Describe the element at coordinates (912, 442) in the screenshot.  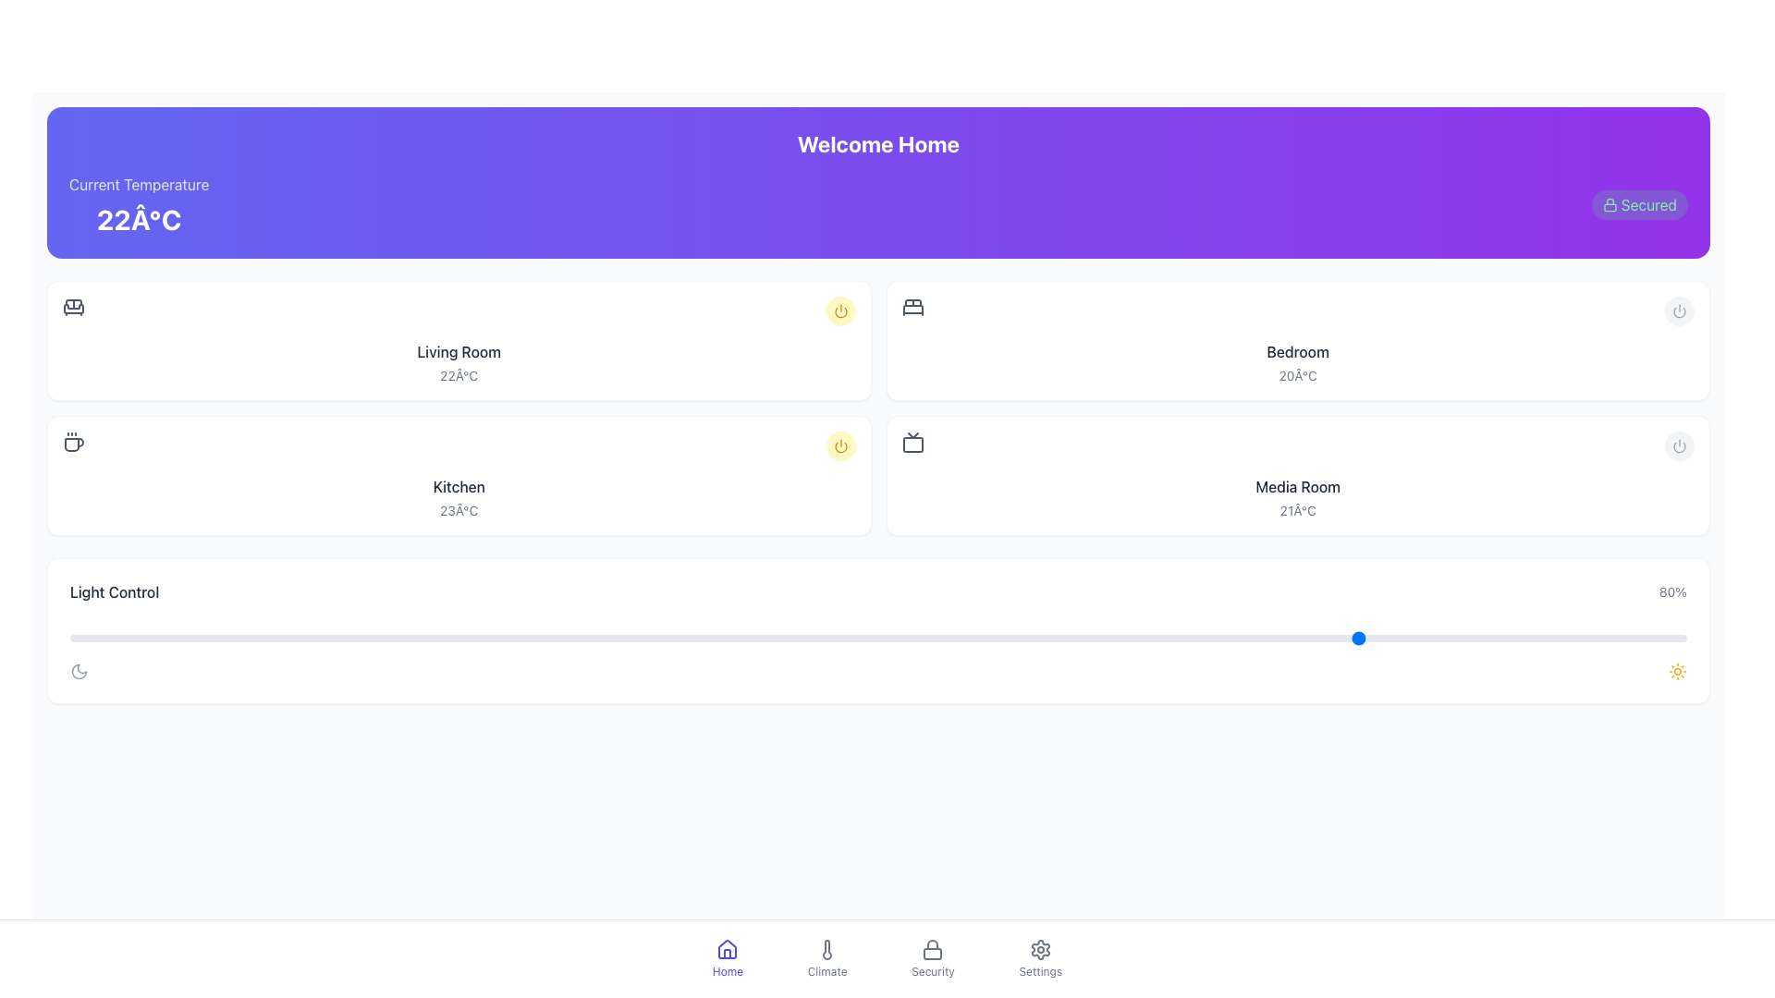
I see `the television icon located in the 'Media Room' section, which is represented by simple geometric shapes and styled in gray, positioned above the text '21°C.'` at that location.